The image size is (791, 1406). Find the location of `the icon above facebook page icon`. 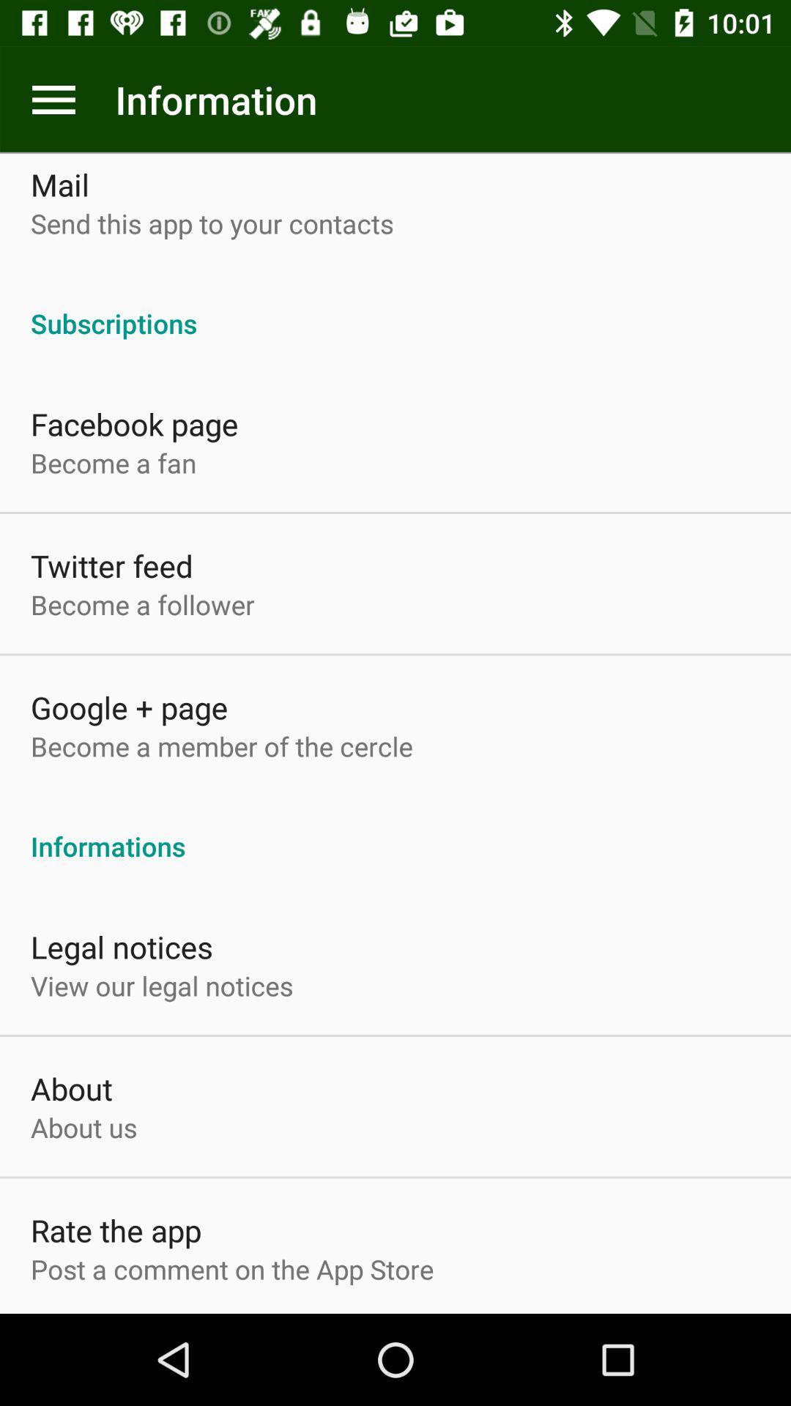

the icon above facebook page icon is located at coordinates (395, 307).